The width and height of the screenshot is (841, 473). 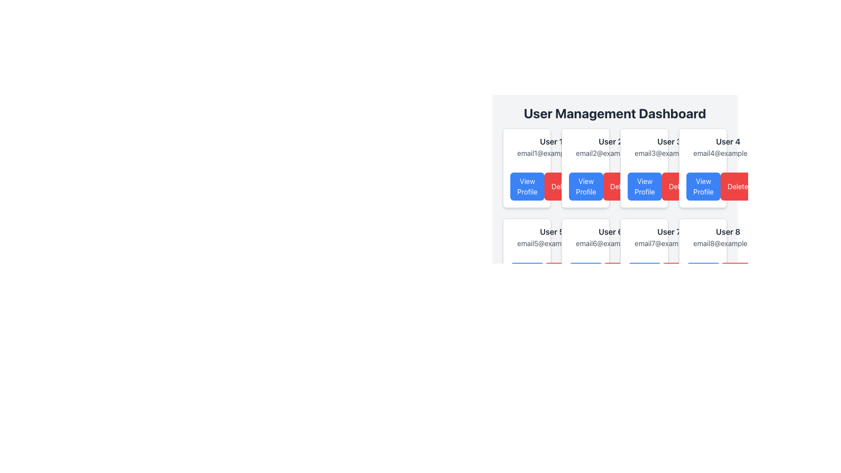 I want to click on the delete button located to the right of the 'View Profile' button, which allows users to delete a corresponding item or user profile, so click(x=620, y=186).